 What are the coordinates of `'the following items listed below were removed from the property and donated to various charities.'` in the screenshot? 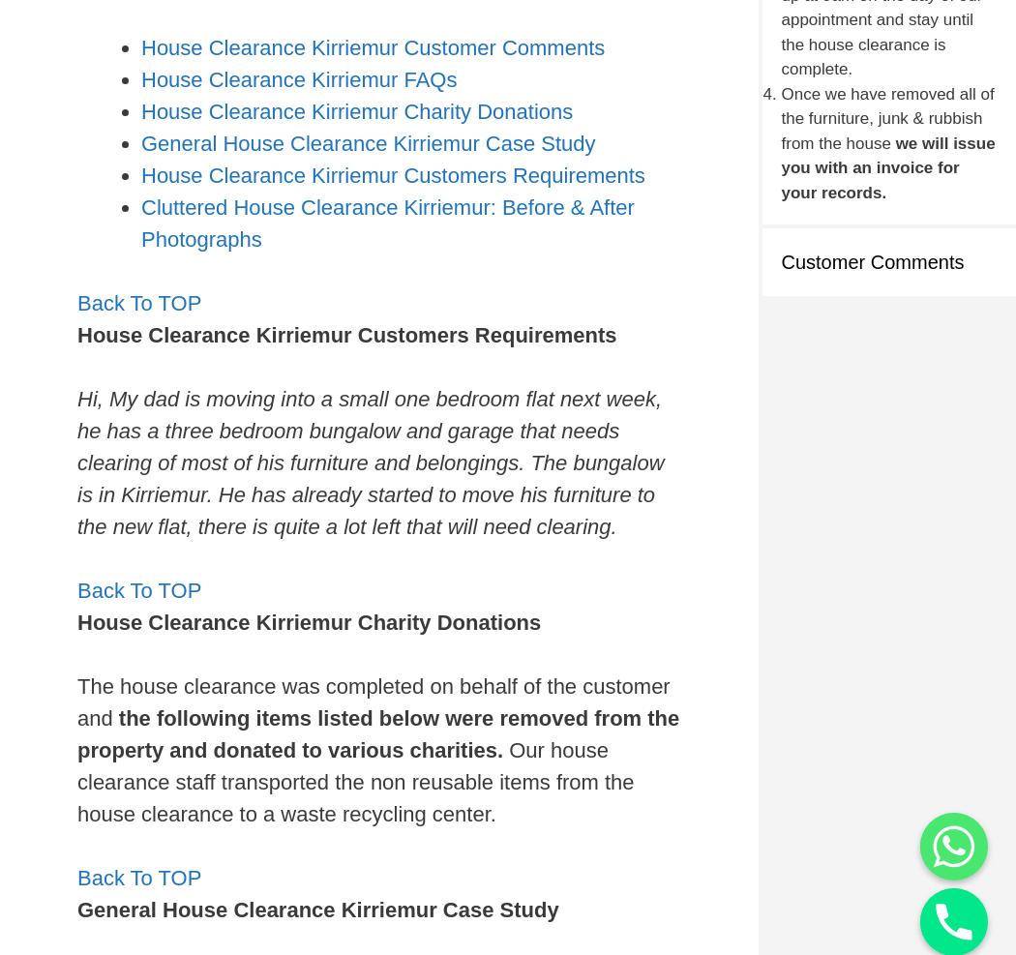 It's located at (77, 732).